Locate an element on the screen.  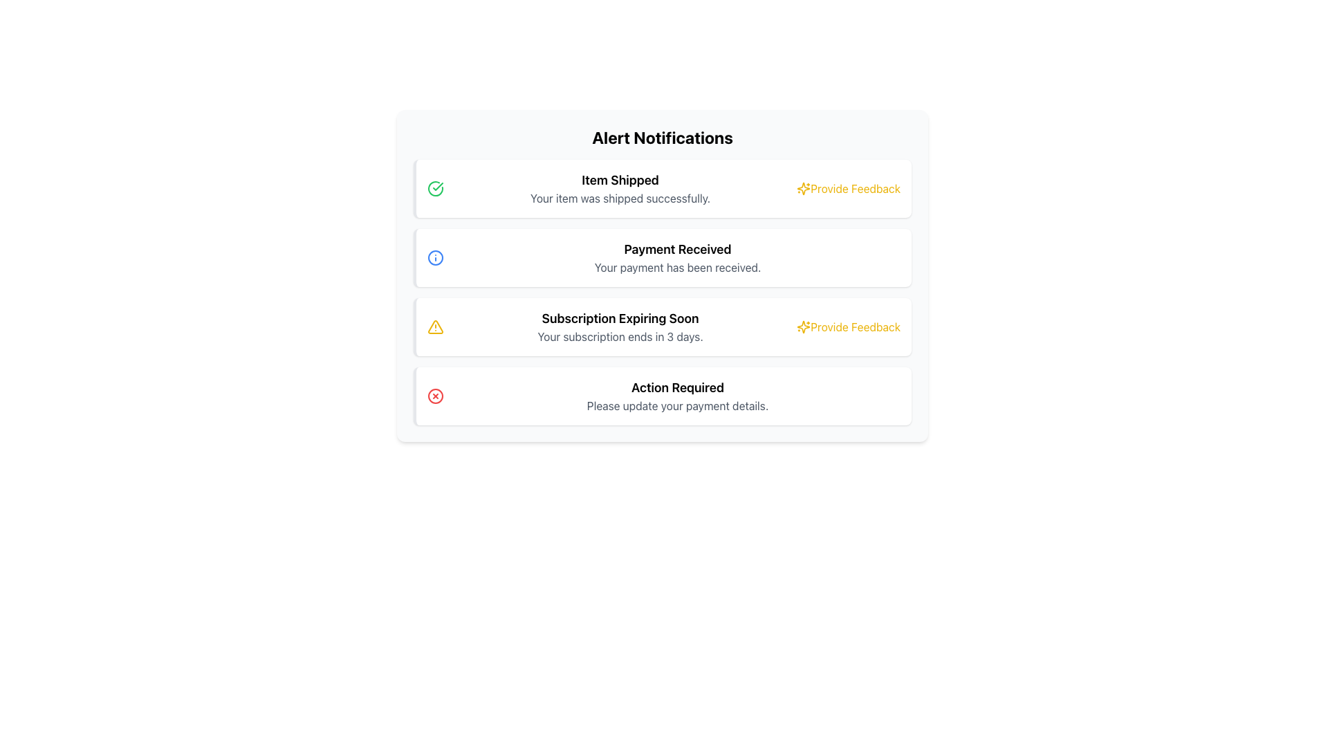
the central circle of the 'Payment Received' alert icon, which is styled with a stroke color and has no fill is located at coordinates (434, 258).